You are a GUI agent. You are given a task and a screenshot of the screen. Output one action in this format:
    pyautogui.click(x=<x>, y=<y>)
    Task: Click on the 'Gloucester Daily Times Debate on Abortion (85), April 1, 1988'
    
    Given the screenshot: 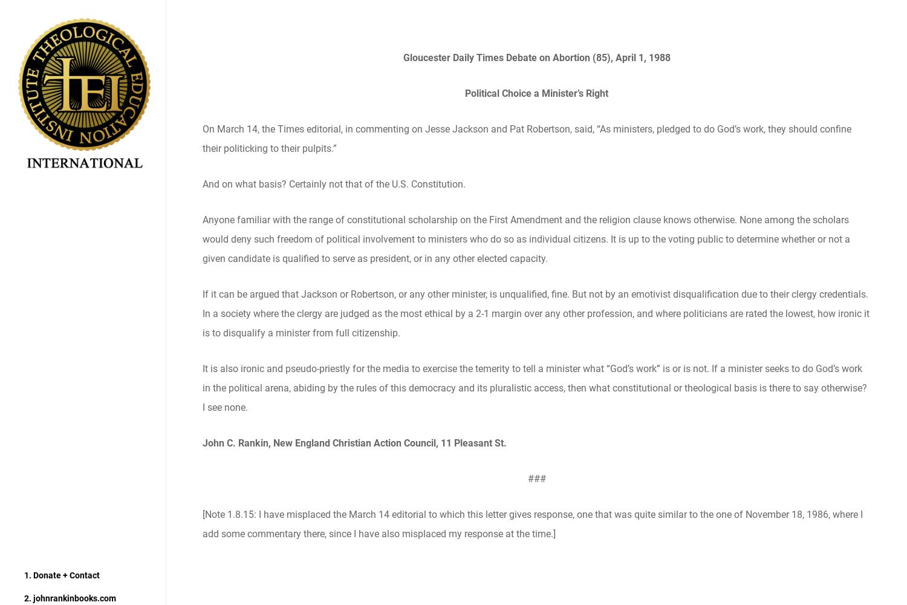 What is the action you would take?
    pyautogui.click(x=536, y=57)
    